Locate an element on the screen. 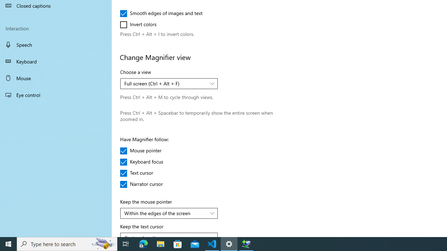 The image size is (447, 251). 'Keyboard focus' is located at coordinates (141, 162).